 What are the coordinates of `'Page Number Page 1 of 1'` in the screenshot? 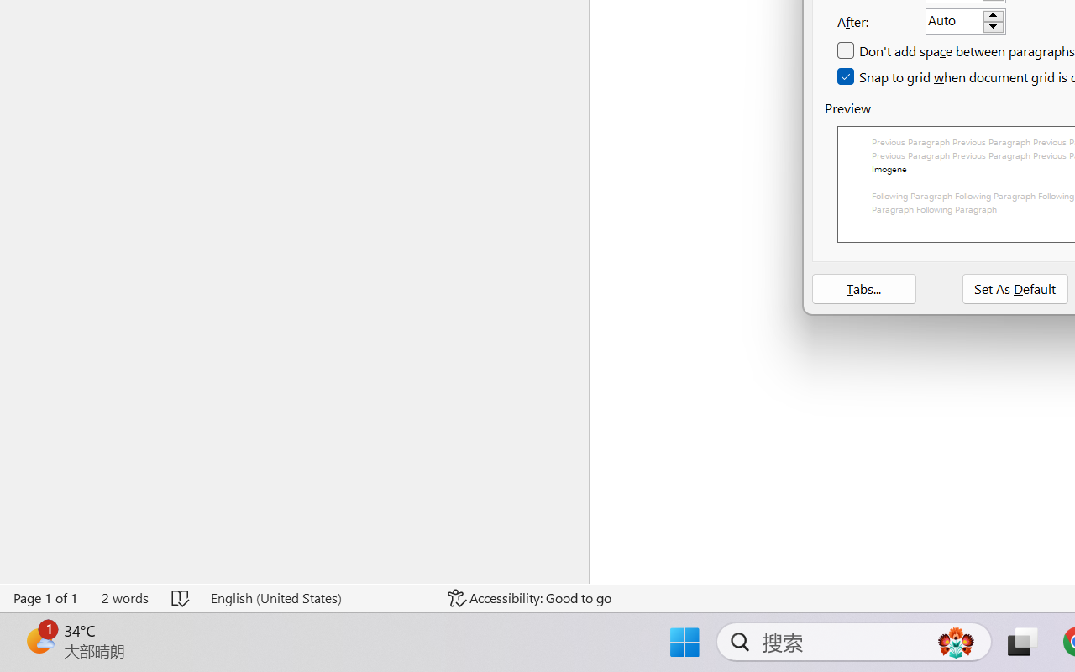 It's located at (46, 597).